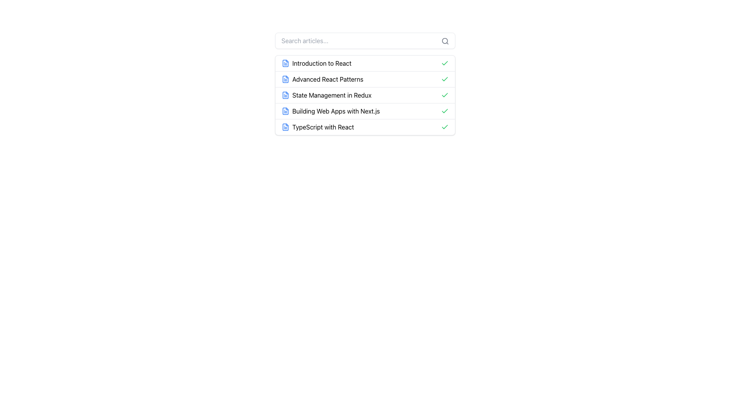  I want to click on the fourth item in the vertical list representing 'Building Web Apps with Next.js', so click(364, 111).